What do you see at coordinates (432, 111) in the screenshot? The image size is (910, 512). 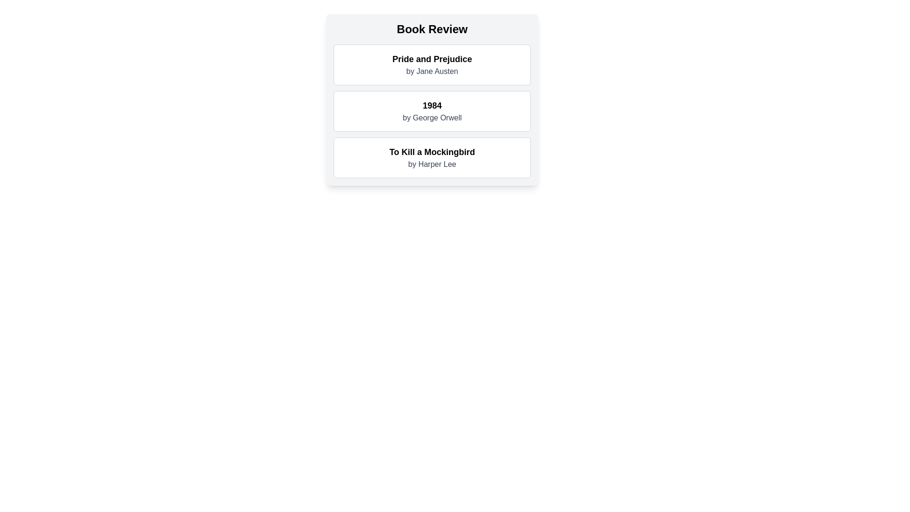 I see `the grid layout containing book titles and authors` at bounding box center [432, 111].